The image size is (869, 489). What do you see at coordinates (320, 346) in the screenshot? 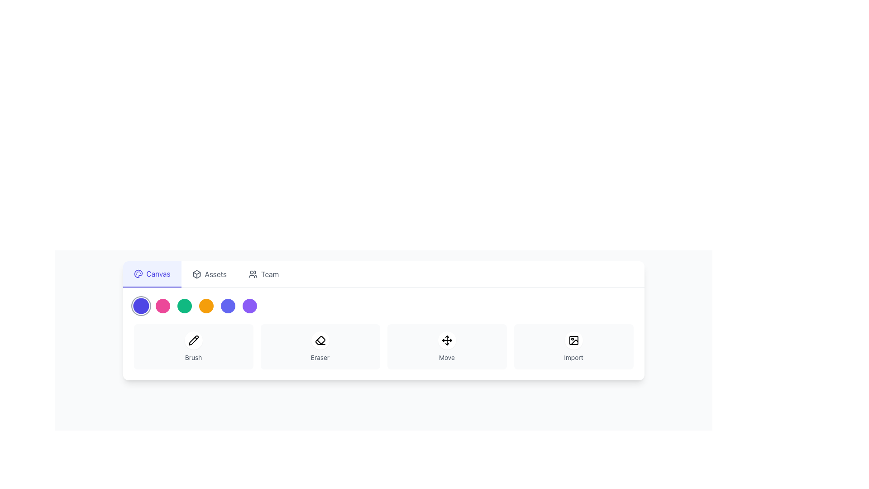
I see `the second button in the grid layout` at bounding box center [320, 346].